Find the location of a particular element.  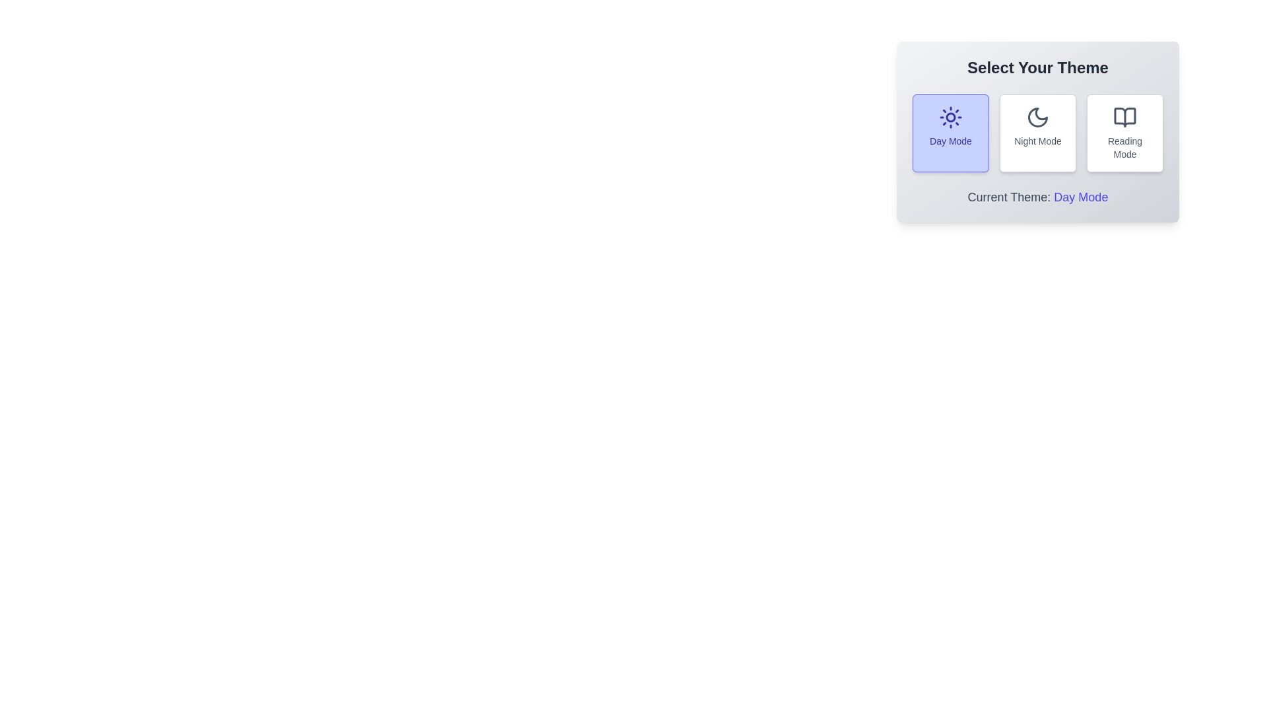

the button corresponding to the desired theme: Reading Mode is located at coordinates (1124, 133).